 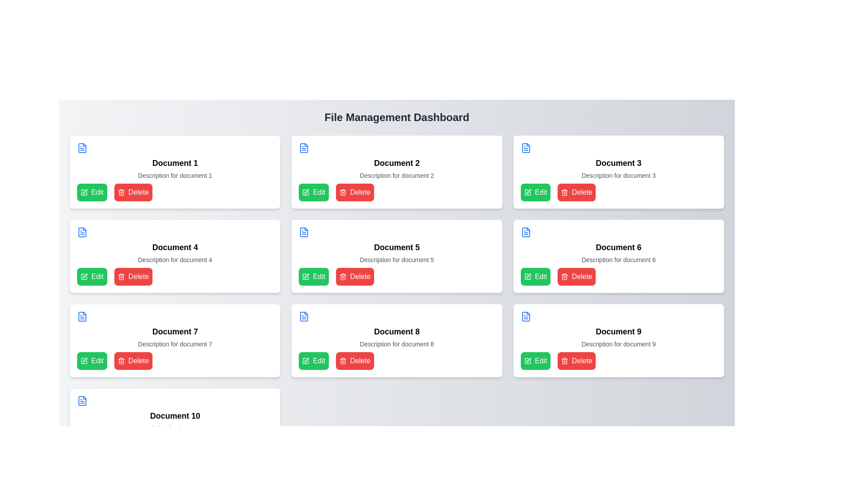 I want to click on the non-interactive text element labeled 'Description for document 1' located below the 'Document 1' title in the first document card of the file management dashboard, so click(x=175, y=176).